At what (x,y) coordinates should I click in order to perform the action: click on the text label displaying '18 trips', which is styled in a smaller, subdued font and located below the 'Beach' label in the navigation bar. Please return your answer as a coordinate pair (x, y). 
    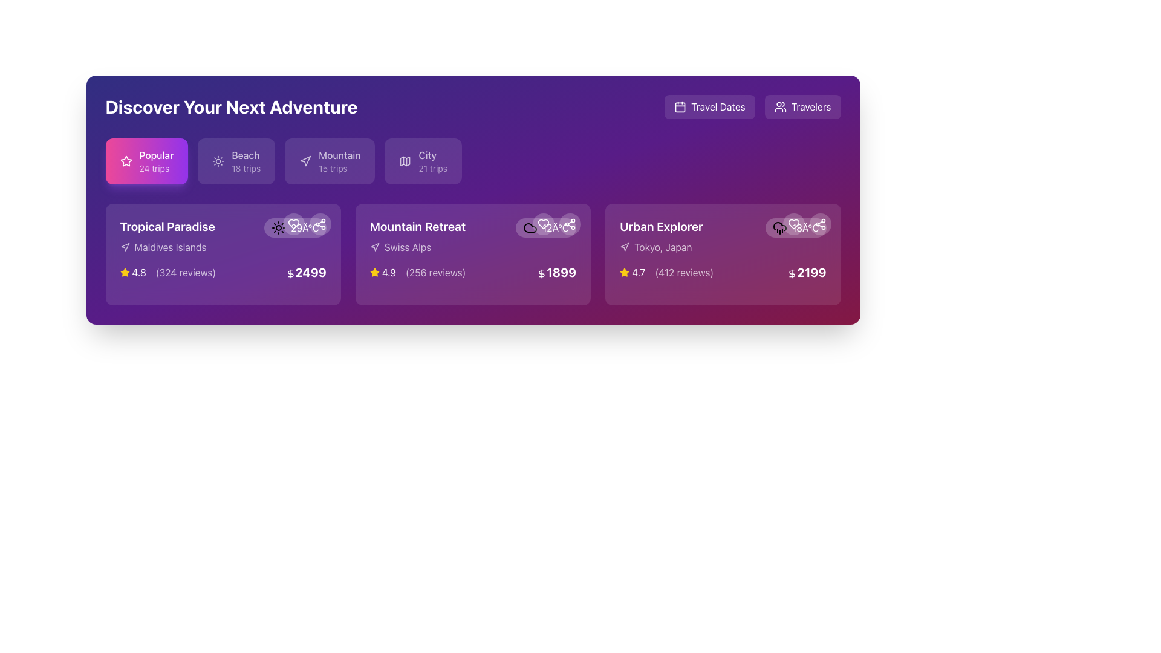
    Looking at the image, I should click on (246, 168).